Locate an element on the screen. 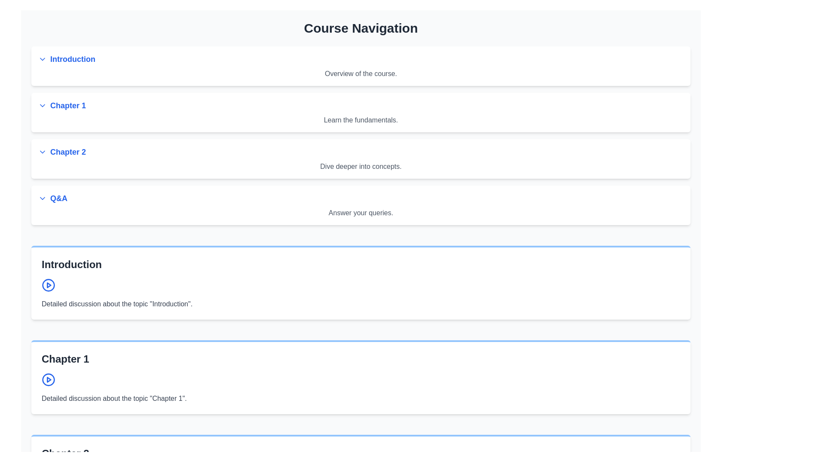 This screenshot has width=825, height=464. the downward-pointing chevron icon next to the 'Chapter 2' text label in the Course Navigation interface is located at coordinates (42, 152).